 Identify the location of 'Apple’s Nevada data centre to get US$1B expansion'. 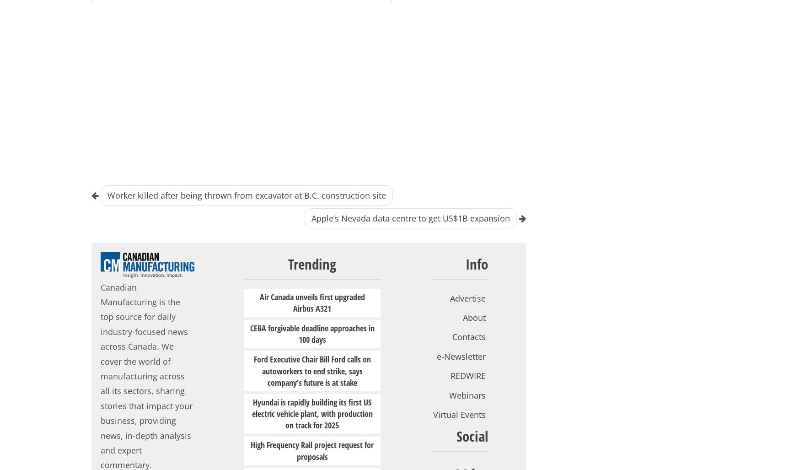
(410, 218).